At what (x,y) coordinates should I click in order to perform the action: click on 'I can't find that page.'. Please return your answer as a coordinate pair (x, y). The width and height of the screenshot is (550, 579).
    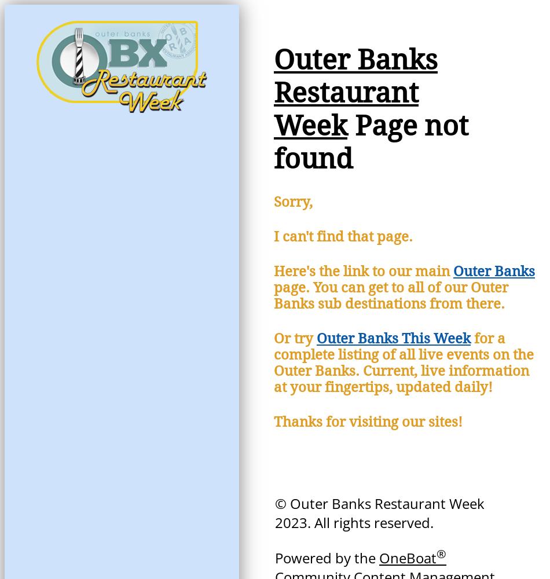
    Looking at the image, I should click on (343, 237).